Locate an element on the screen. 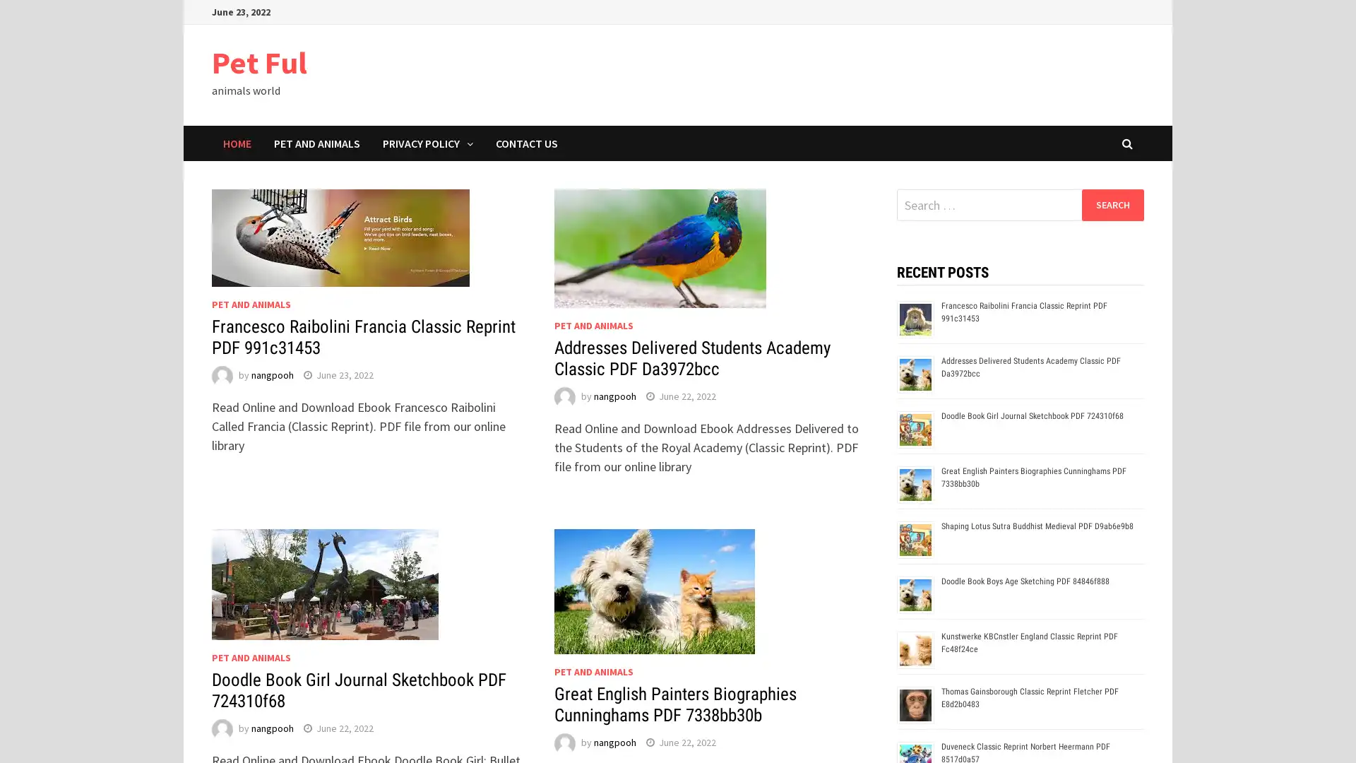 Image resolution: width=1356 pixels, height=763 pixels. Search is located at coordinates (1112, 204).